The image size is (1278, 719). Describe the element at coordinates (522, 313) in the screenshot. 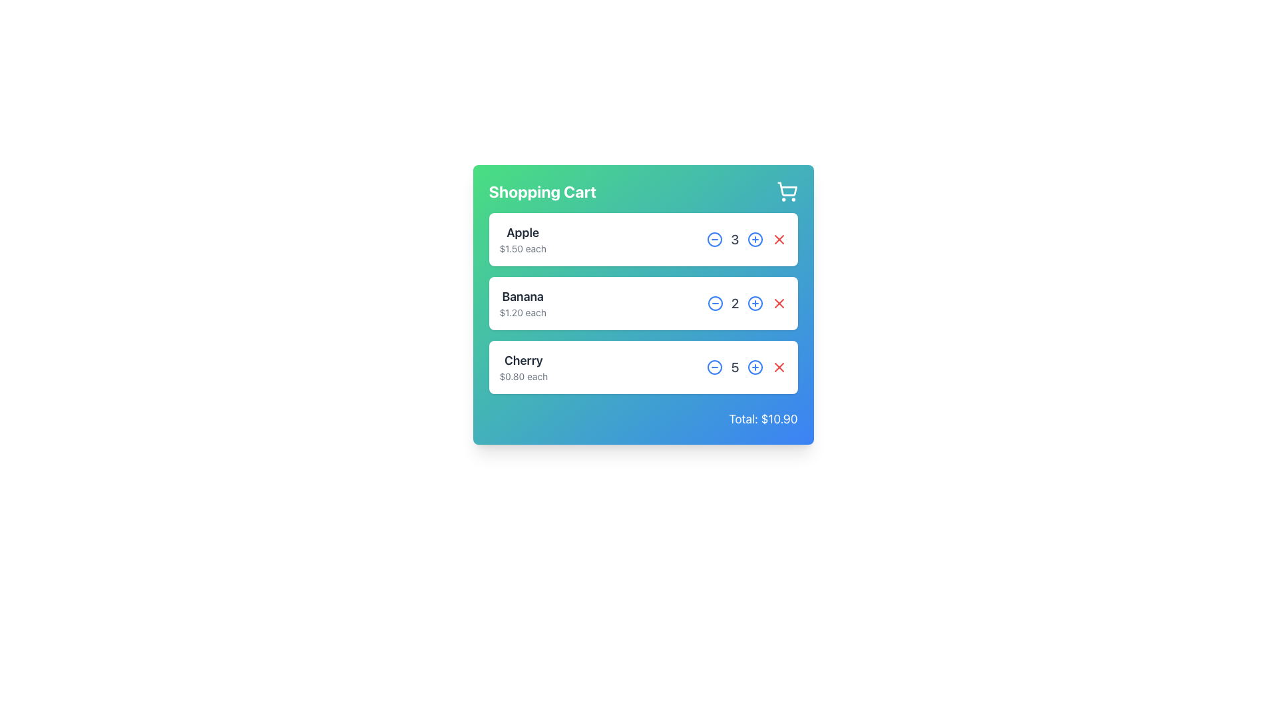

I see `the price display of '$1.20 each' located directly underneath the 'Banana' label in the shopping cart interface` at that location.